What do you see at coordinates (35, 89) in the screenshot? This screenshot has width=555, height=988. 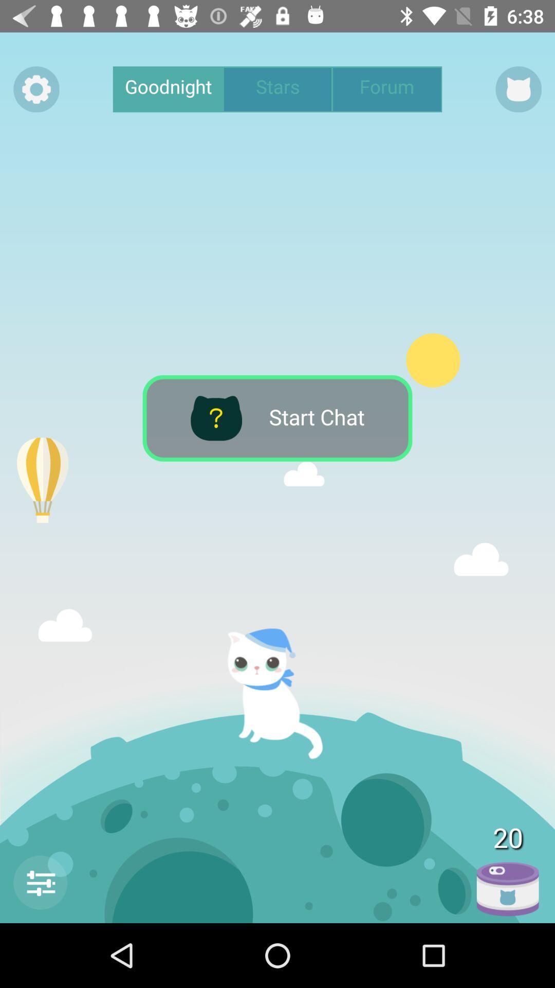 I see `the icon which is to the left side of the goodnight` at bounding box center [35, 89].